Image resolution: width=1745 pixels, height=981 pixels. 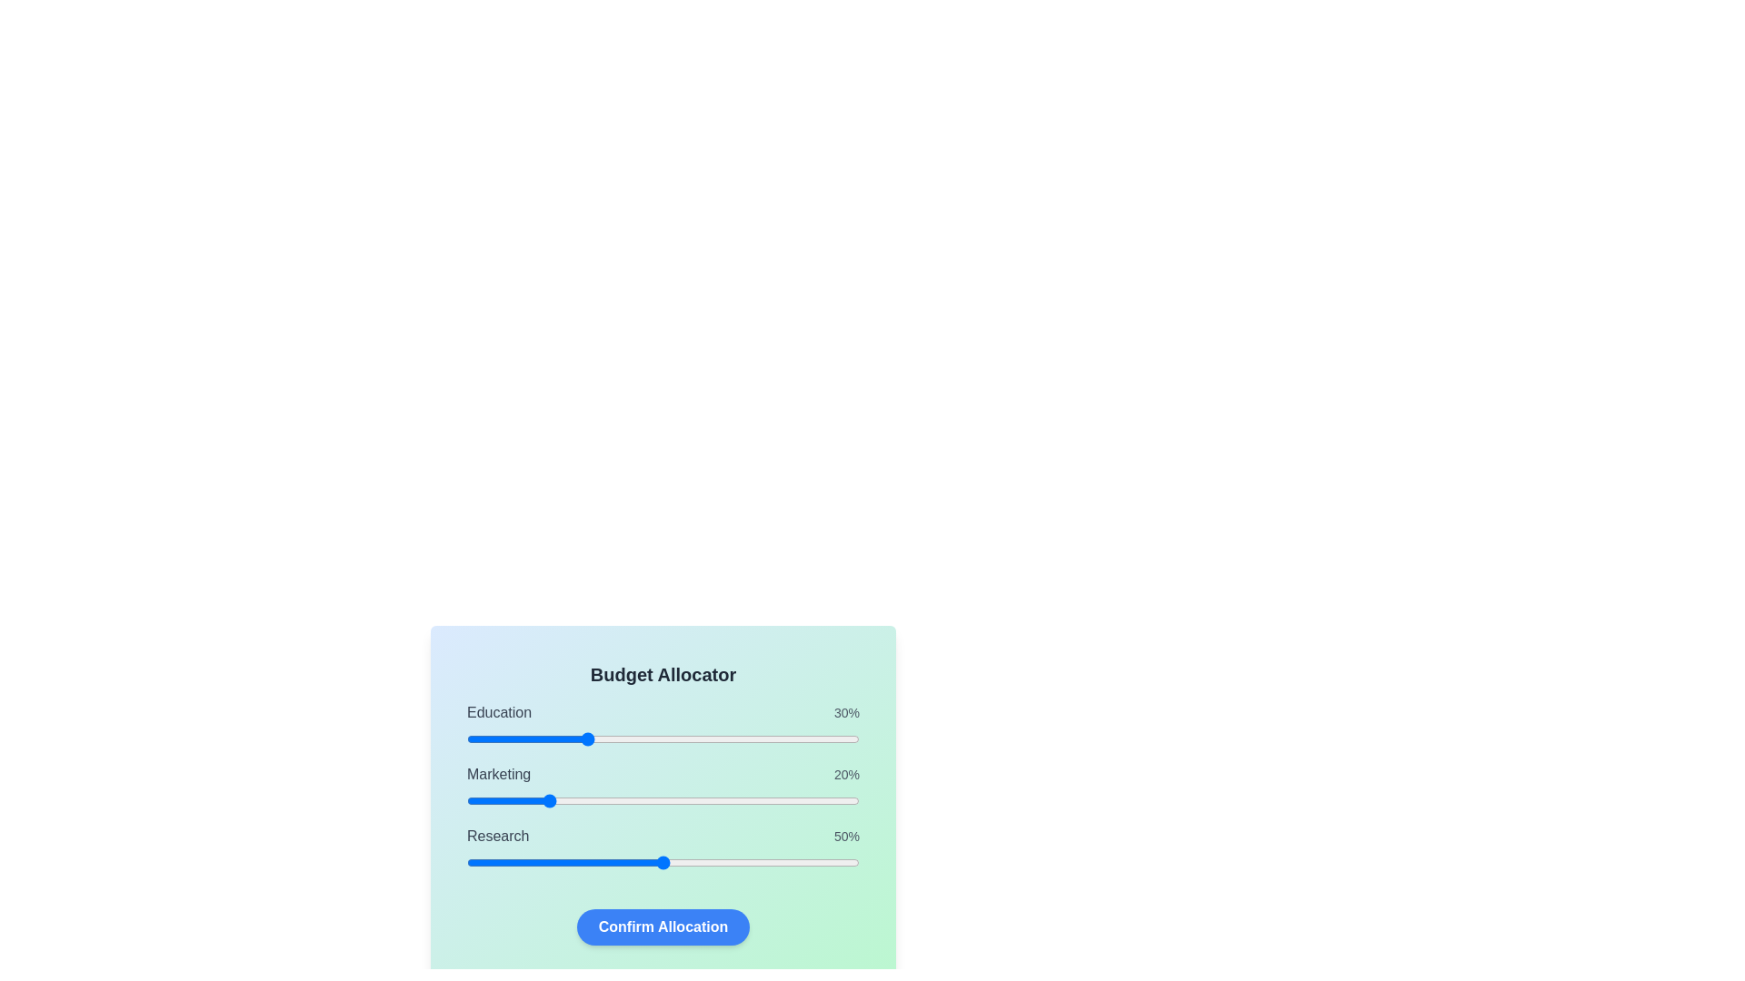 I want to click on the Research allocation slider to 31%, so click(x=589, y=861).